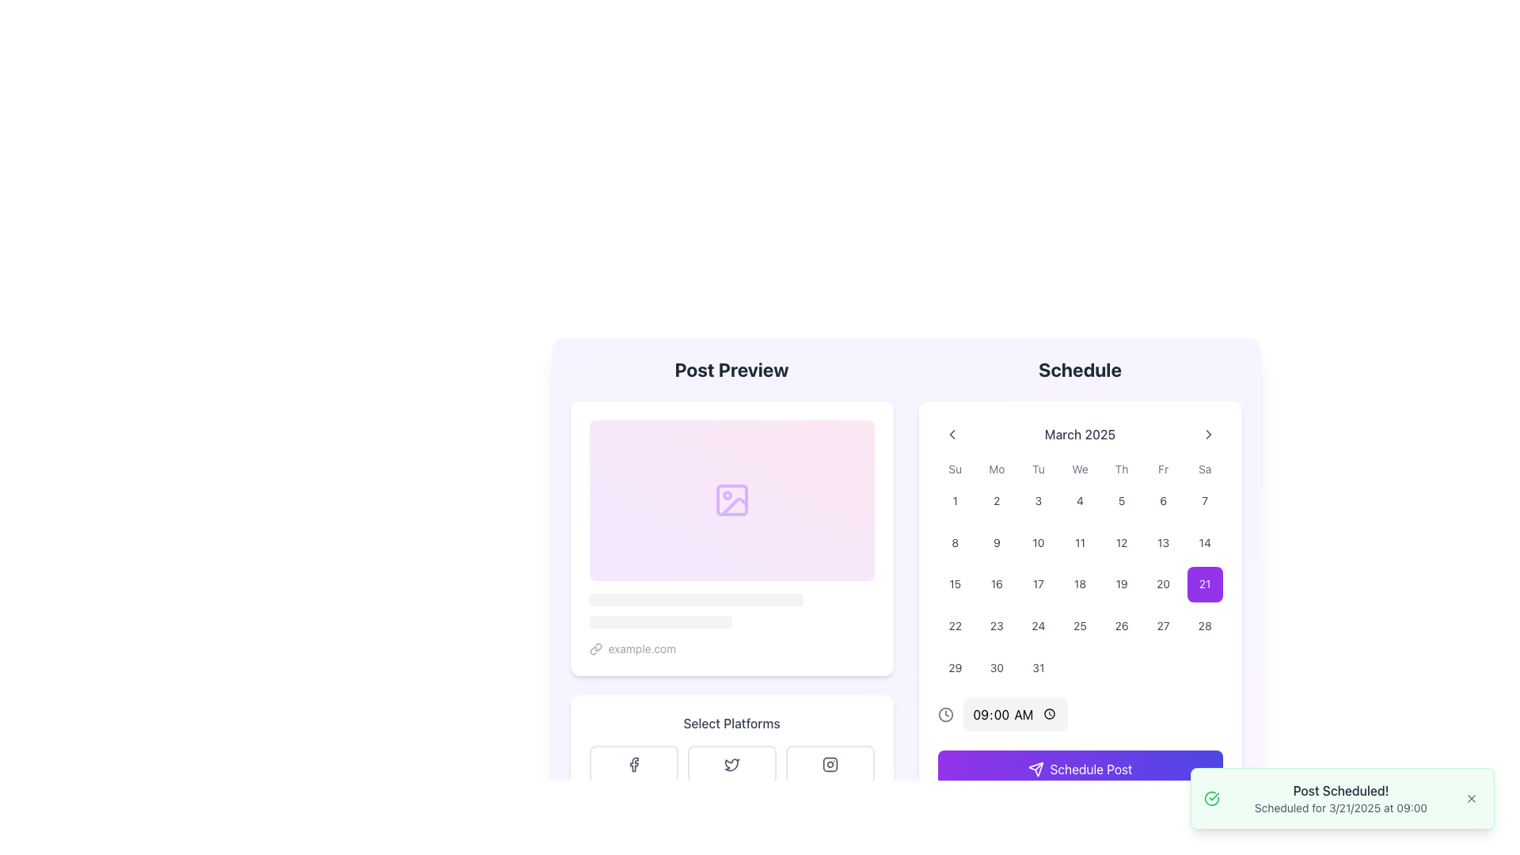  Describe the element at coordinates (829, 763) in the screenshot. I see `the Instagram button, which is a square-shaped button with rounded corners located below the 'Select Platforms' heading, positioned to the right of the 'Facebook' and 'Twitter' buttons` at that location.